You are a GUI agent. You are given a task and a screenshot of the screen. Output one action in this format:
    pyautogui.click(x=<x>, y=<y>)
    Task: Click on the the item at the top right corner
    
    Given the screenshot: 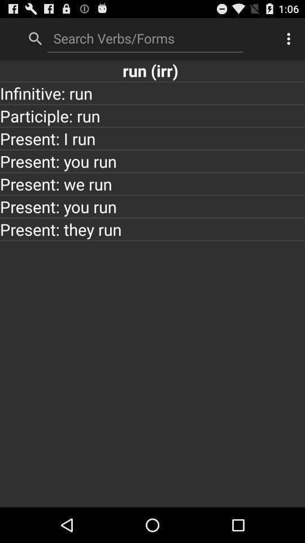 What is the action you would take?
    pyautogui.click(x=290, y=38)
    